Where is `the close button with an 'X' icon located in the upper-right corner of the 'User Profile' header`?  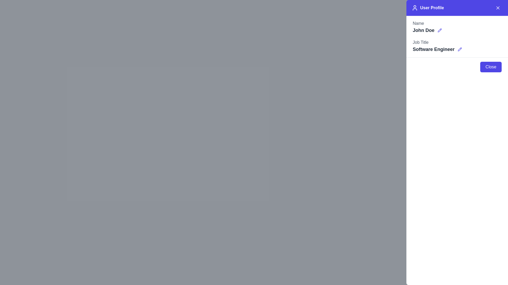 the close button with an 'X' icon located in the upper-right corner of the 'User Profile' header is located at coordinates (497, 8).